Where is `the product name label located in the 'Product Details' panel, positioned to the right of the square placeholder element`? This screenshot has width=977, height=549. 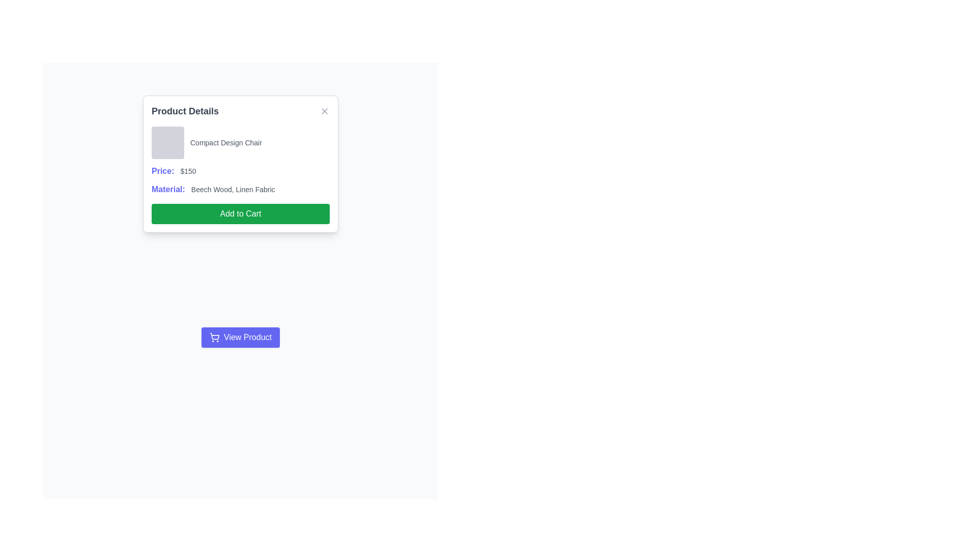 the product name label located in the 'Product Details' panel, positioned to the right of the square placeholder element is located at coordinates (225, 143).